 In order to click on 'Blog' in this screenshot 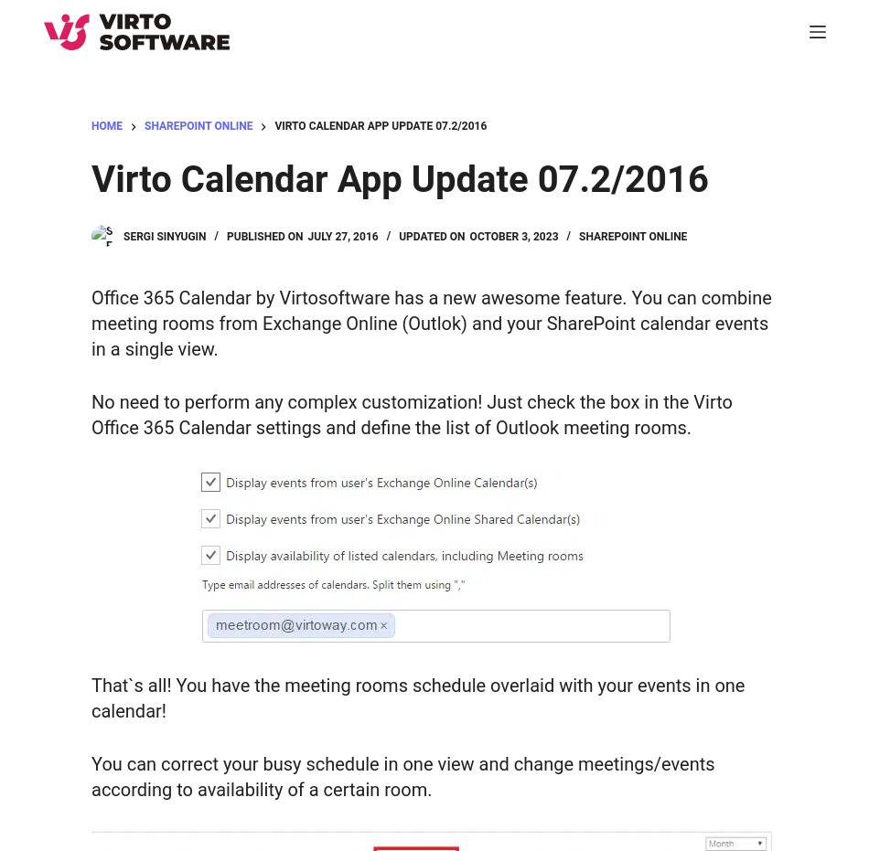, I will do `click(60, 757)`.